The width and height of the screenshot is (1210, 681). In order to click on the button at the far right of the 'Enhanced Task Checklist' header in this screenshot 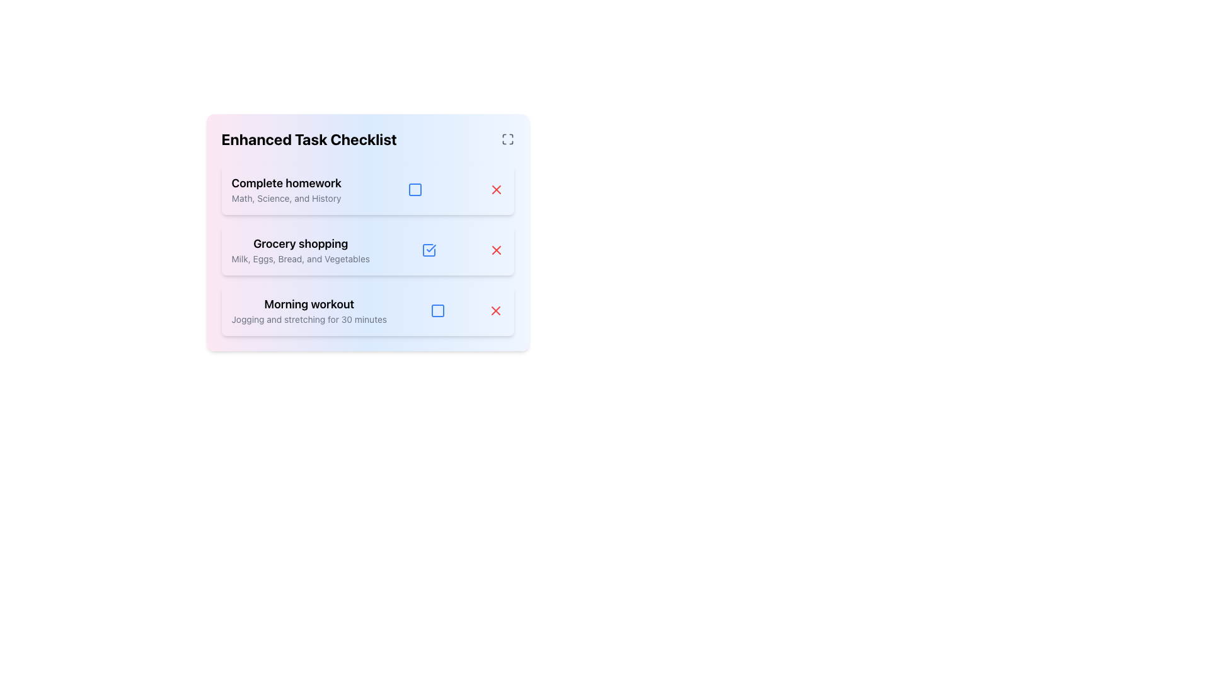, I will do `click(507, 139)`.